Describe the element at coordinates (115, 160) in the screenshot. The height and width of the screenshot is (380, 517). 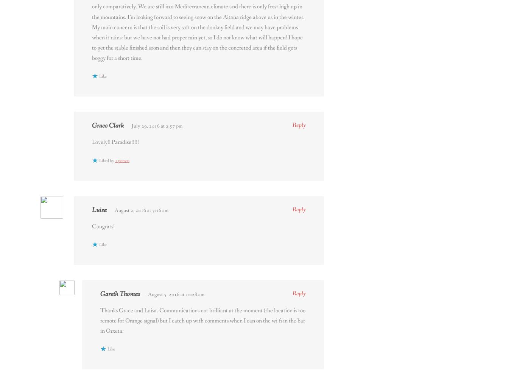
I see `'1 person'` at that location.